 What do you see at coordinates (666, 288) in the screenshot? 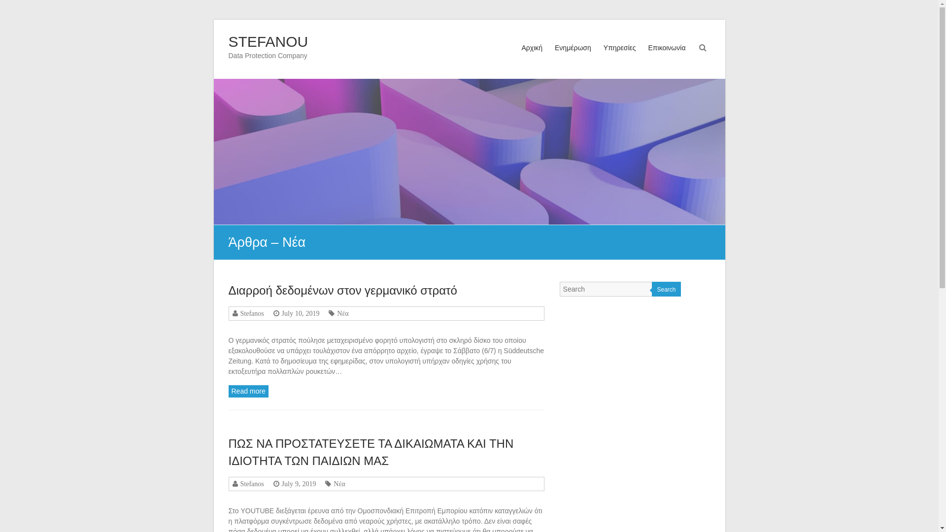
I see `'Search'` at bounding box center [666, 288].